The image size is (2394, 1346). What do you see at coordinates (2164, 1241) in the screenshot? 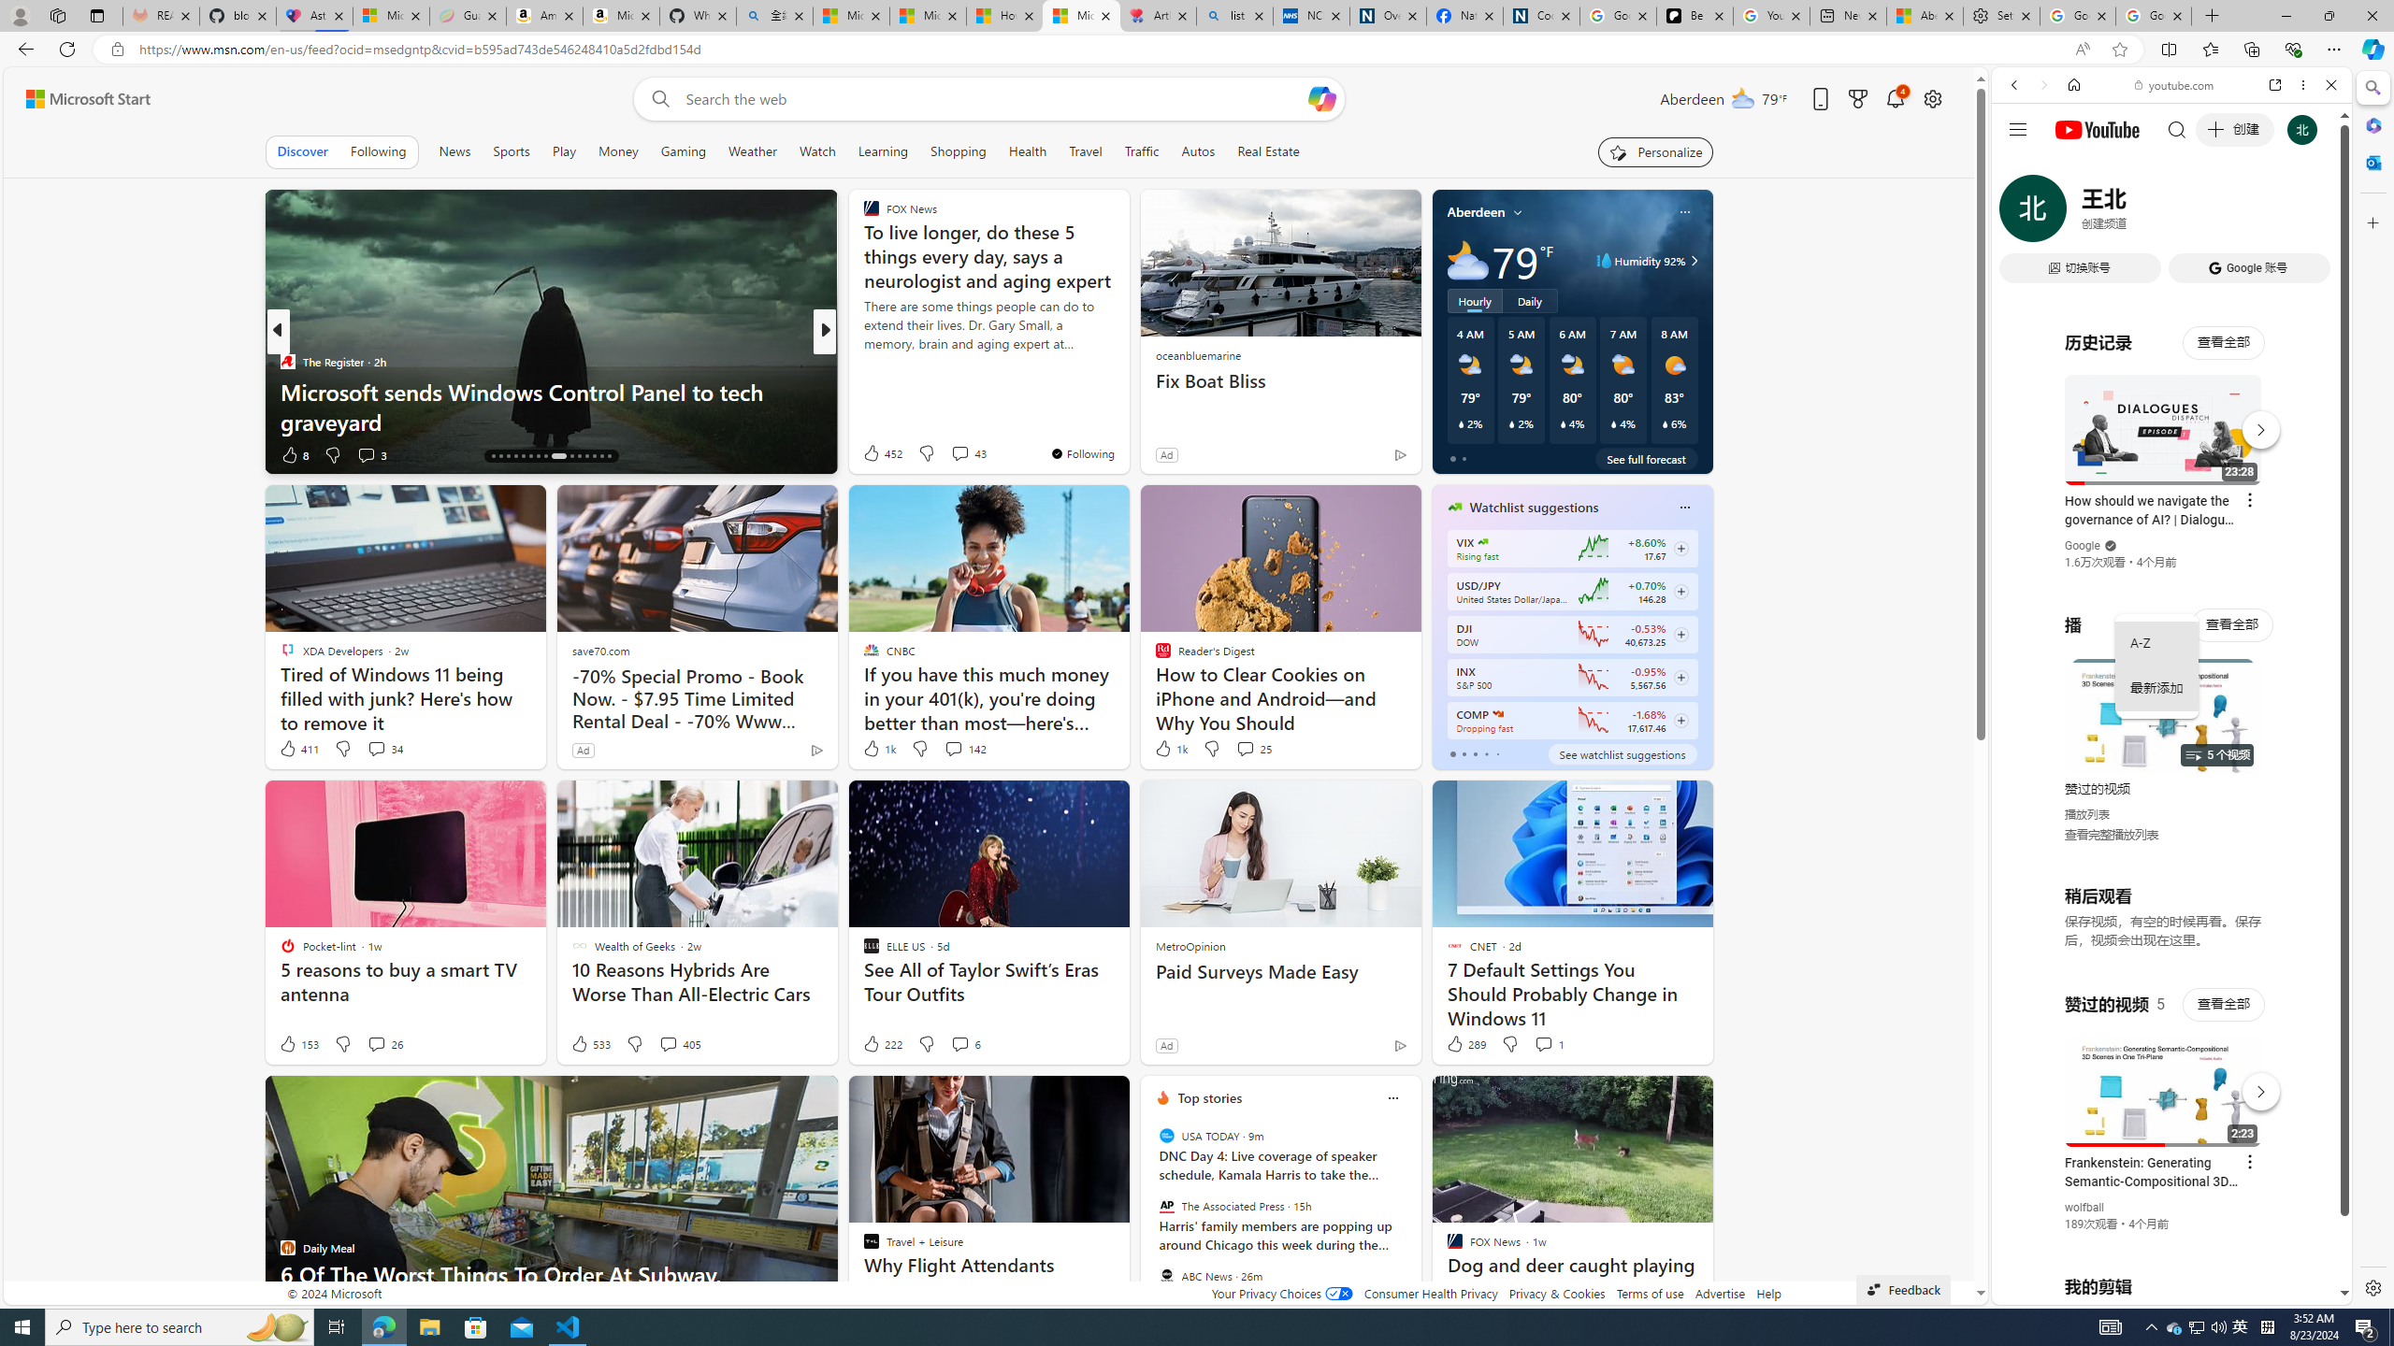
I see `'you'` at bounding box center [2164, 1241].